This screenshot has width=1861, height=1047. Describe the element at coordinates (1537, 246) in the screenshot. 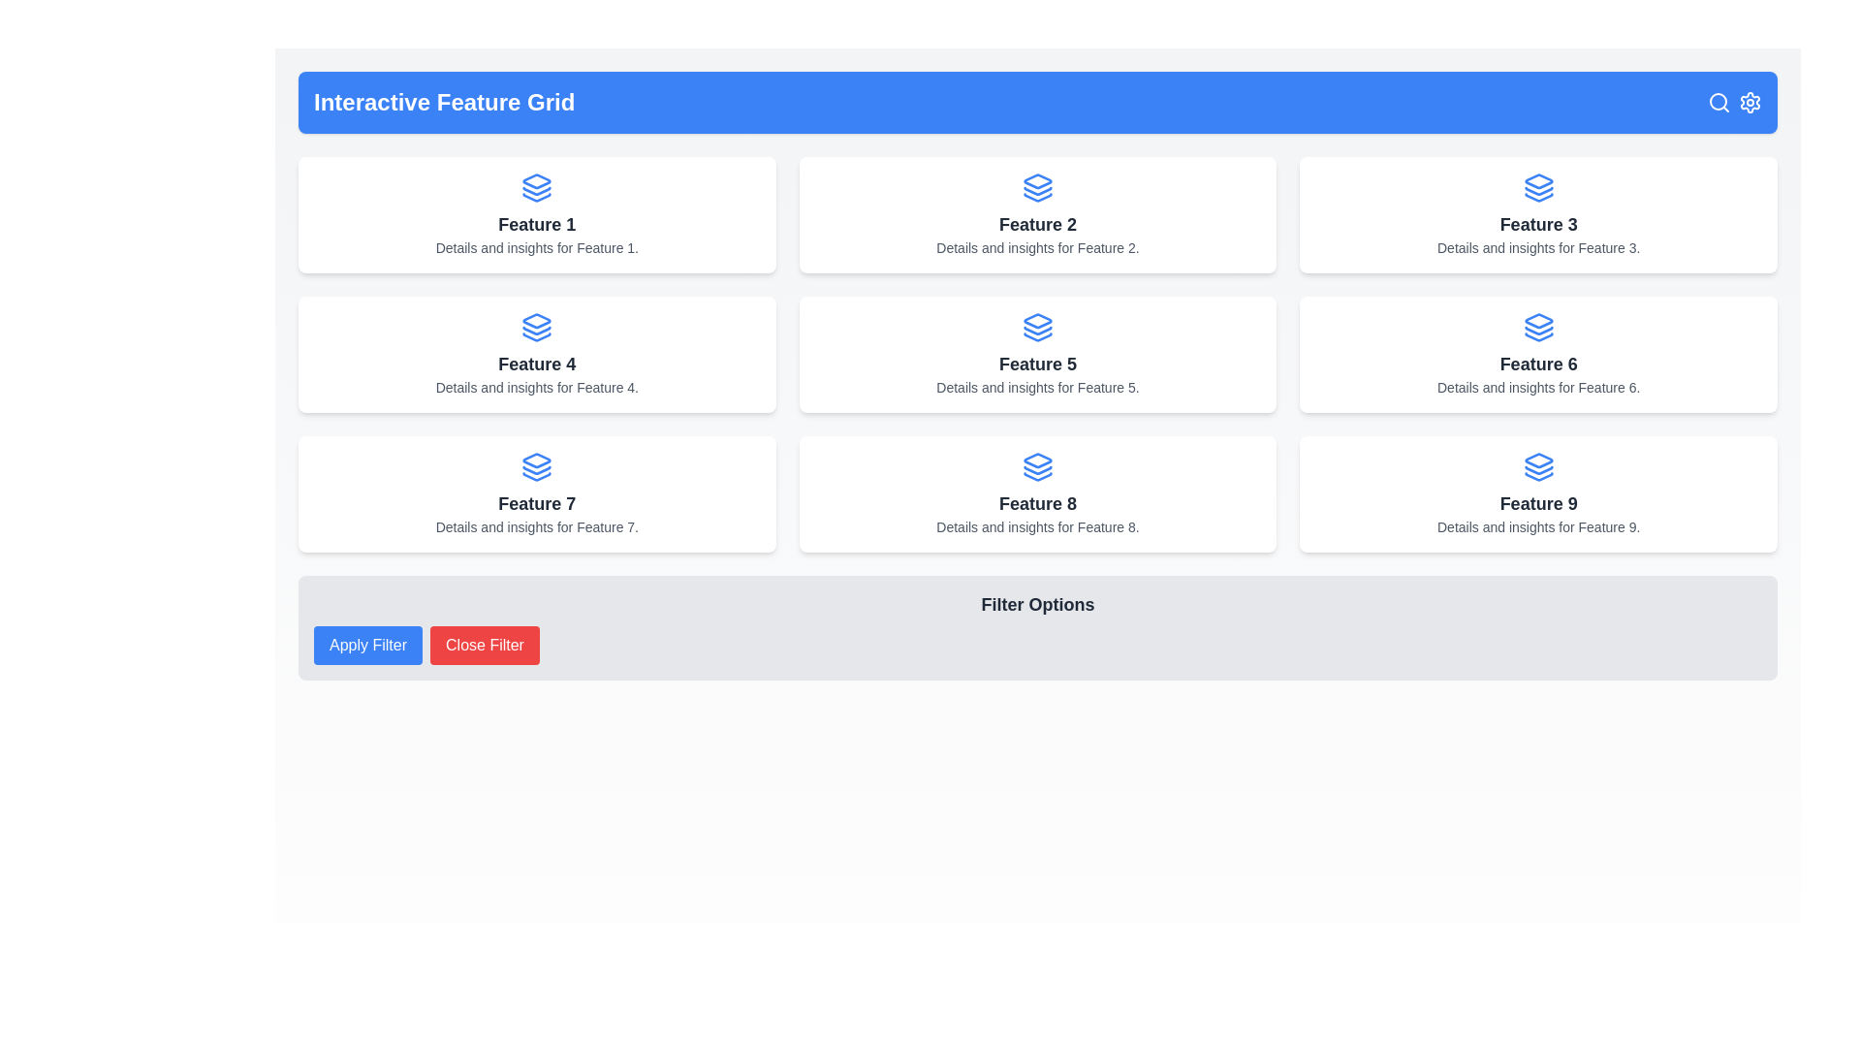

I see `the text label that contains 'Details and insights for Feature 3.', located beneath the title 'Feature 3' in the third card of the three-column grid layout` at that location.